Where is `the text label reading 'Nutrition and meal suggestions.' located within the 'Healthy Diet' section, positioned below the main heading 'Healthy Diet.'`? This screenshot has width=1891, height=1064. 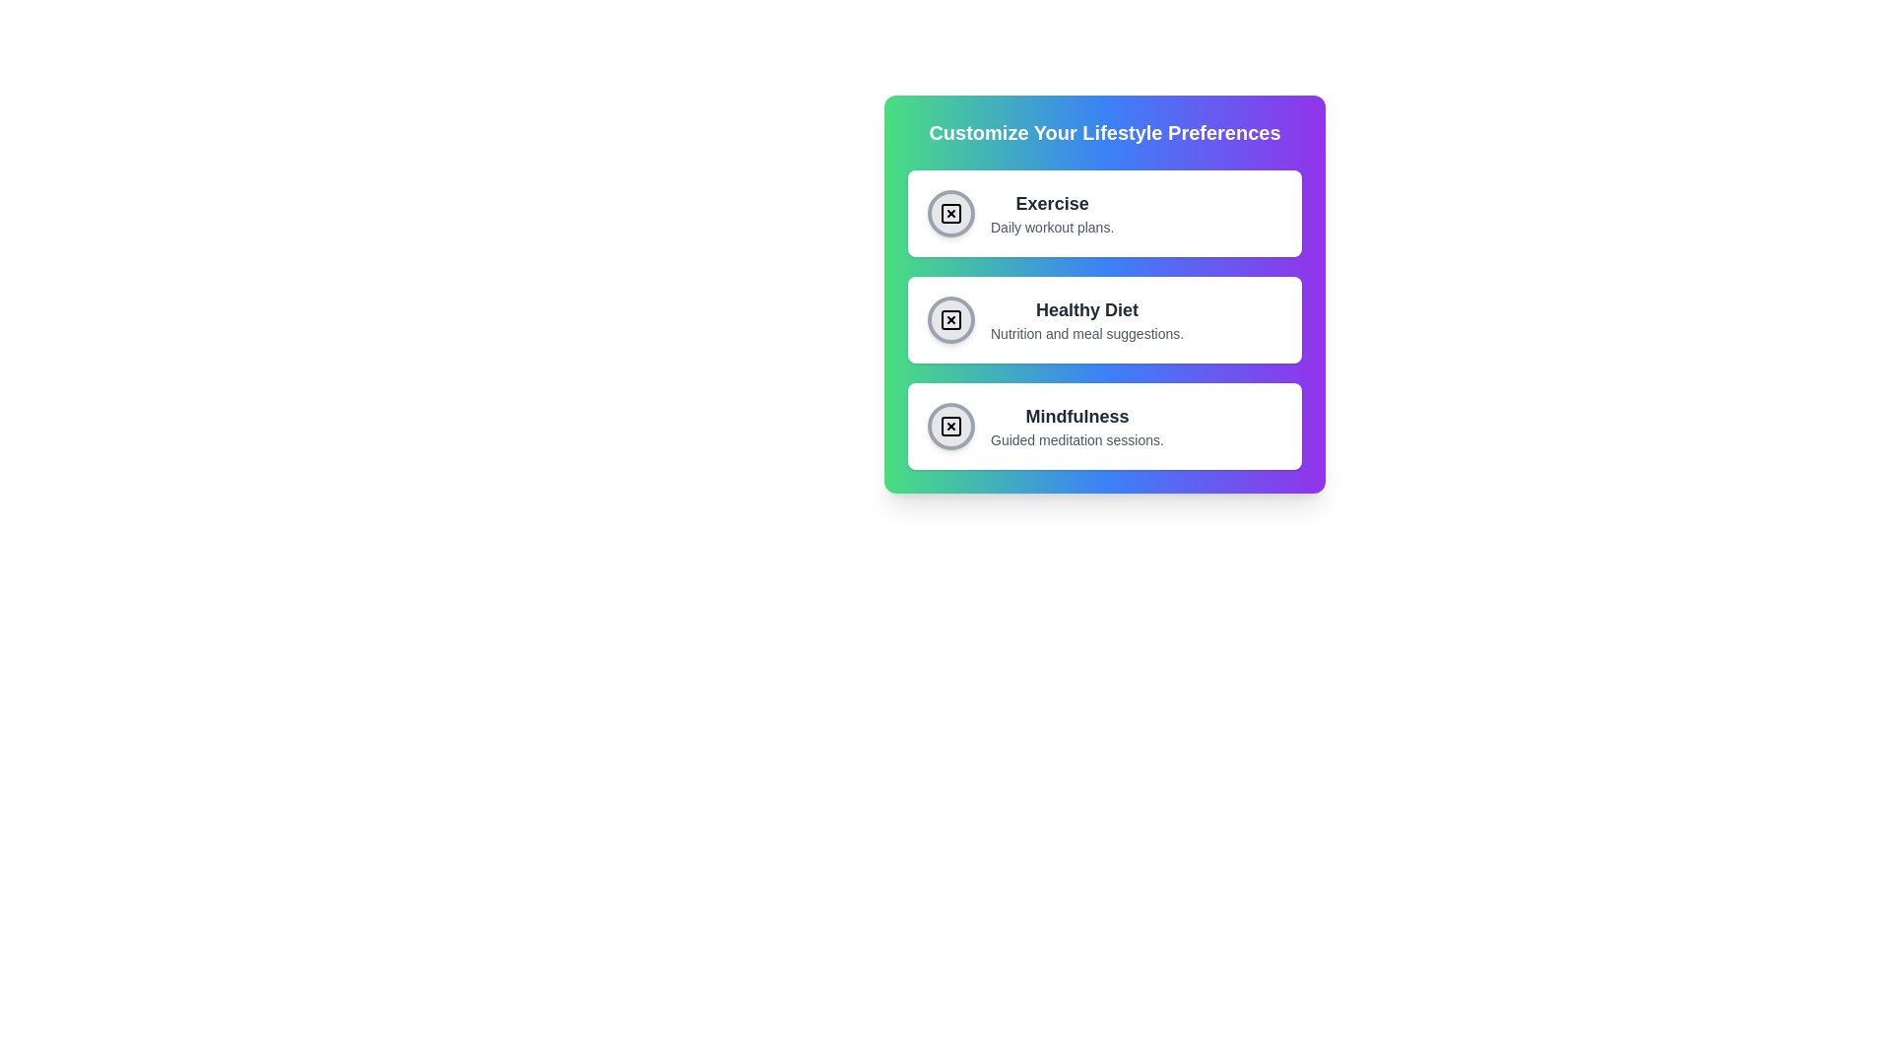 the text label reading 'Nutrition and meal suggestions.' located within the 'Healthy Diet' section, positioned below the main heading 'Healthy Diet.' is located at coordinates (1086, 333).